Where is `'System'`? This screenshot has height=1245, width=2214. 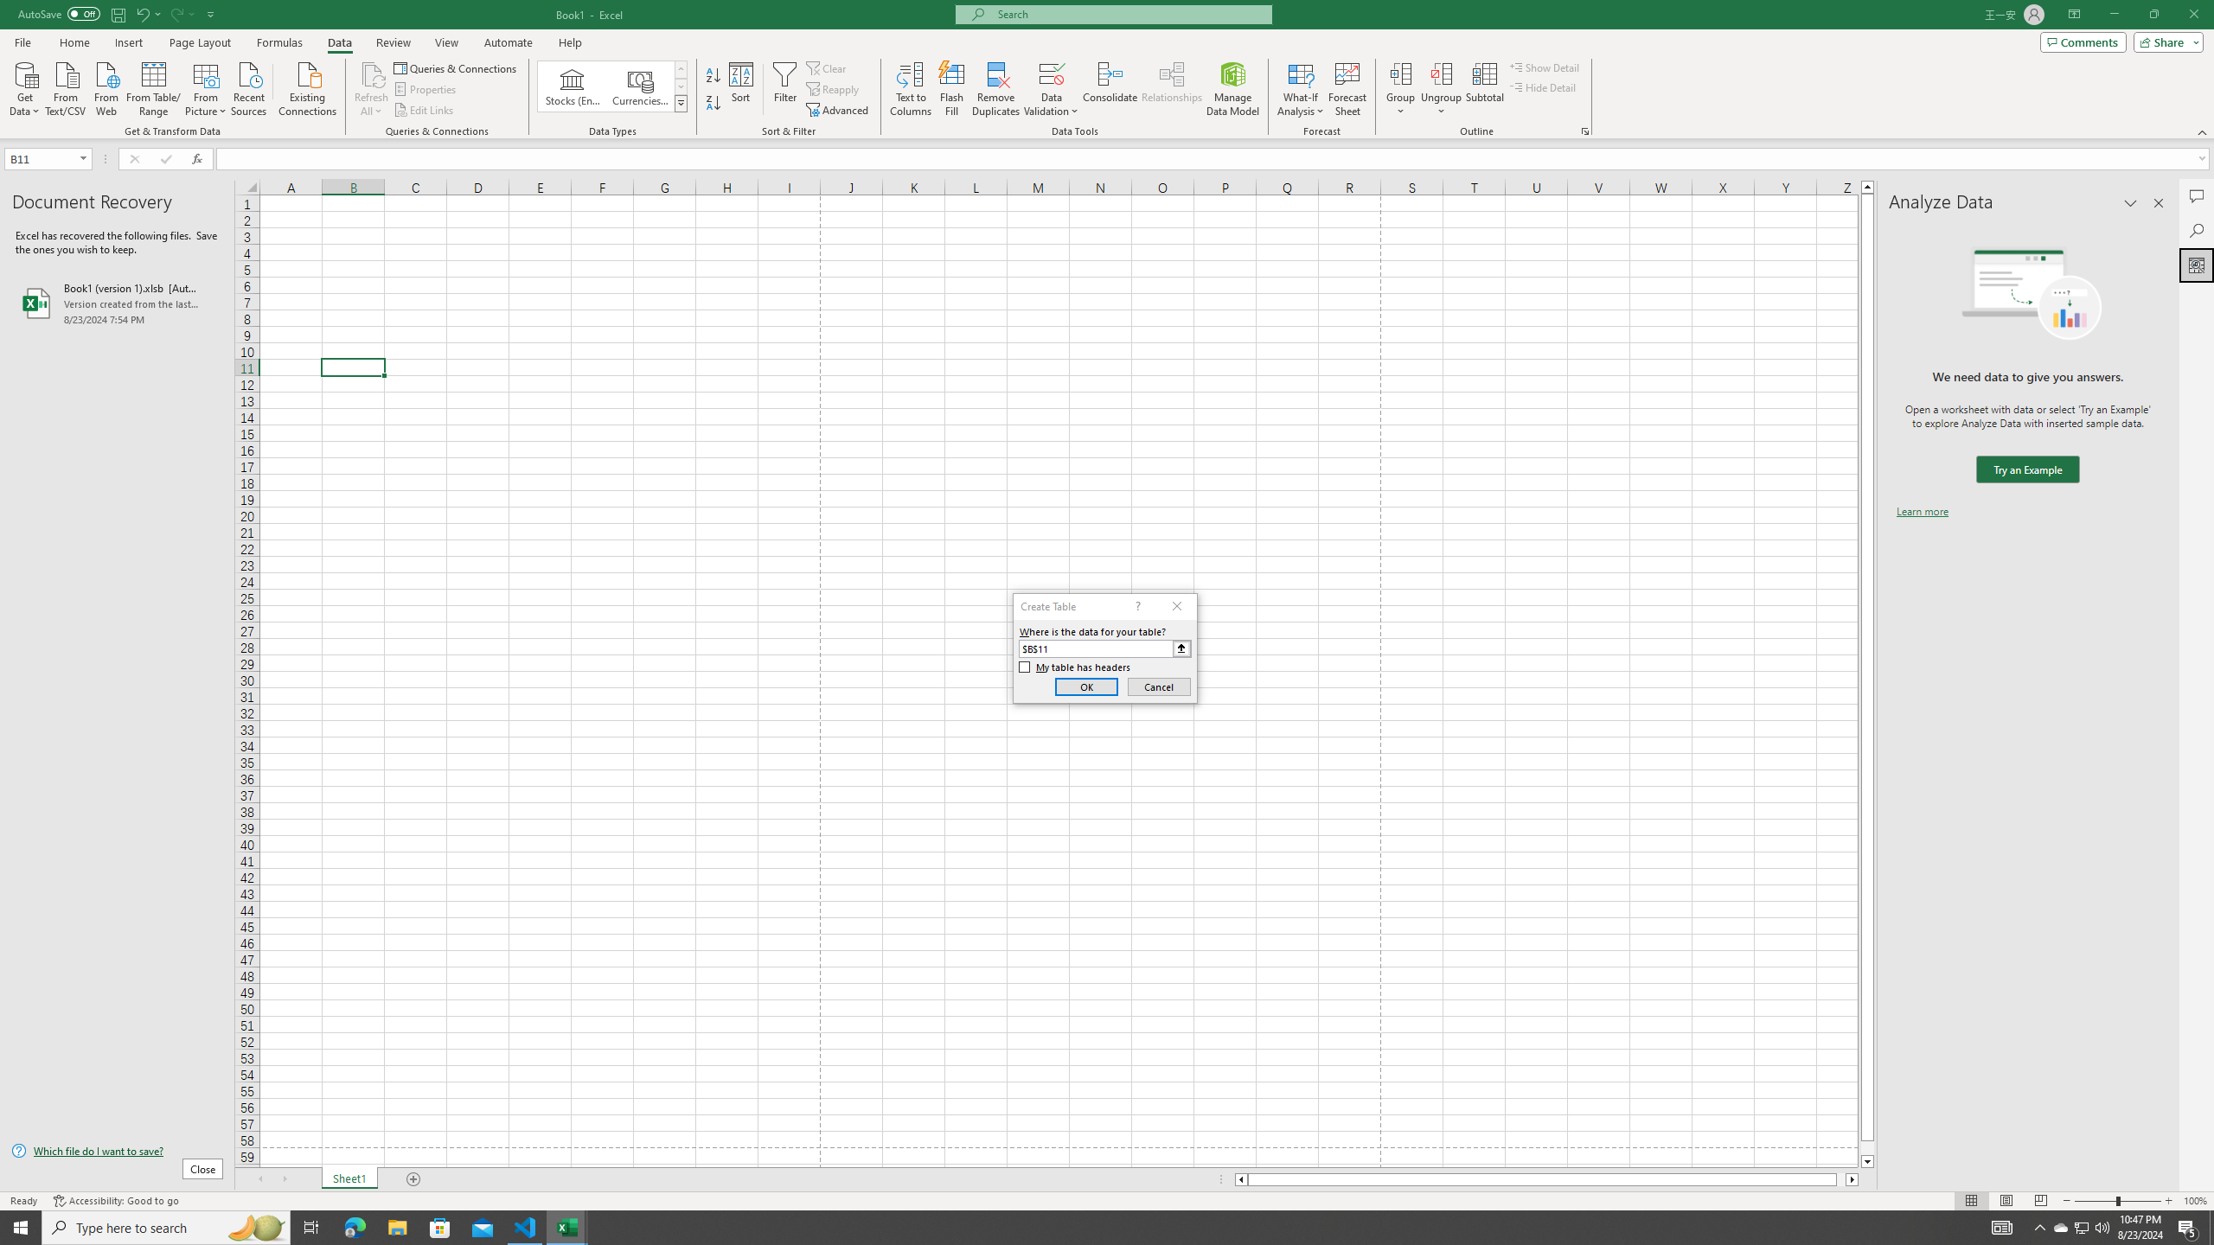 'System' is located at coordinates (10, 8).